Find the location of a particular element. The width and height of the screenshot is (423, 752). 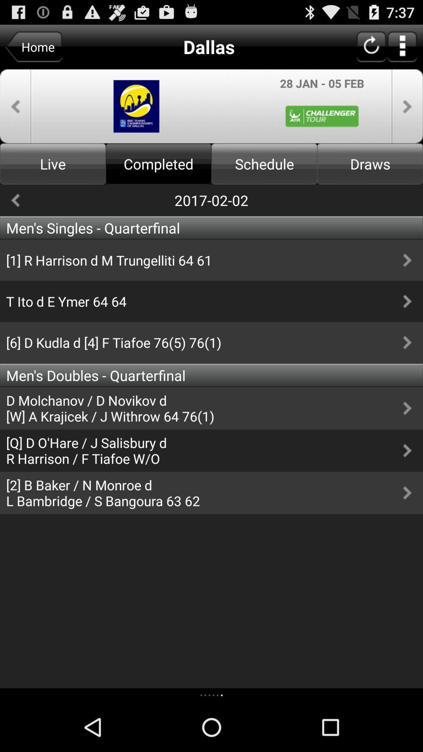

draws which is next to schedule is located at coordinates (370, 163).